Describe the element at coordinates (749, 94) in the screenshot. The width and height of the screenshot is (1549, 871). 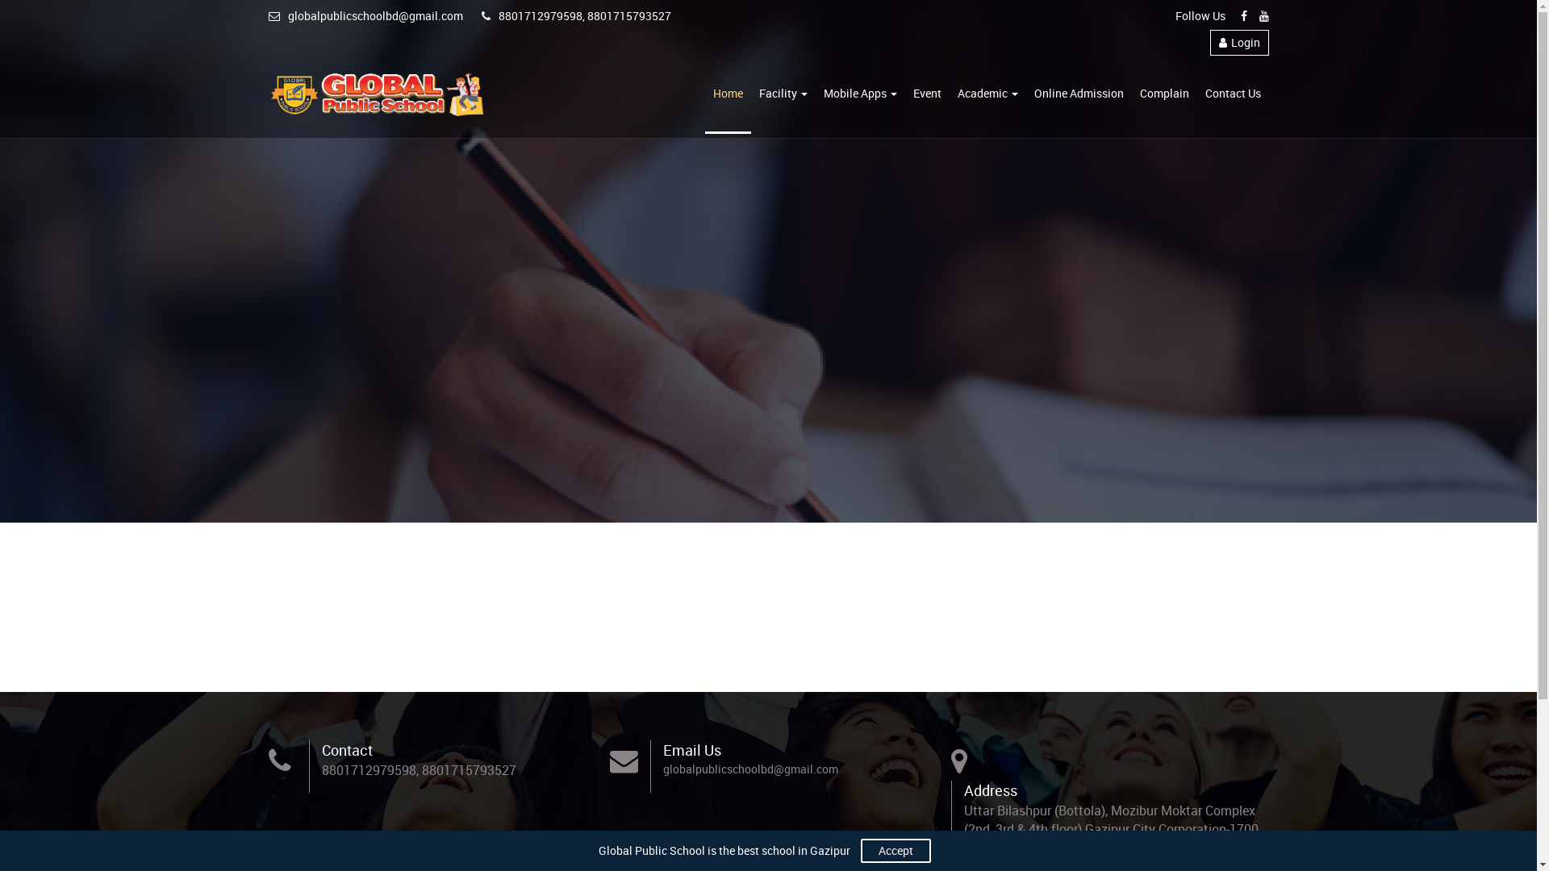
I see `'Facility'` at that location.